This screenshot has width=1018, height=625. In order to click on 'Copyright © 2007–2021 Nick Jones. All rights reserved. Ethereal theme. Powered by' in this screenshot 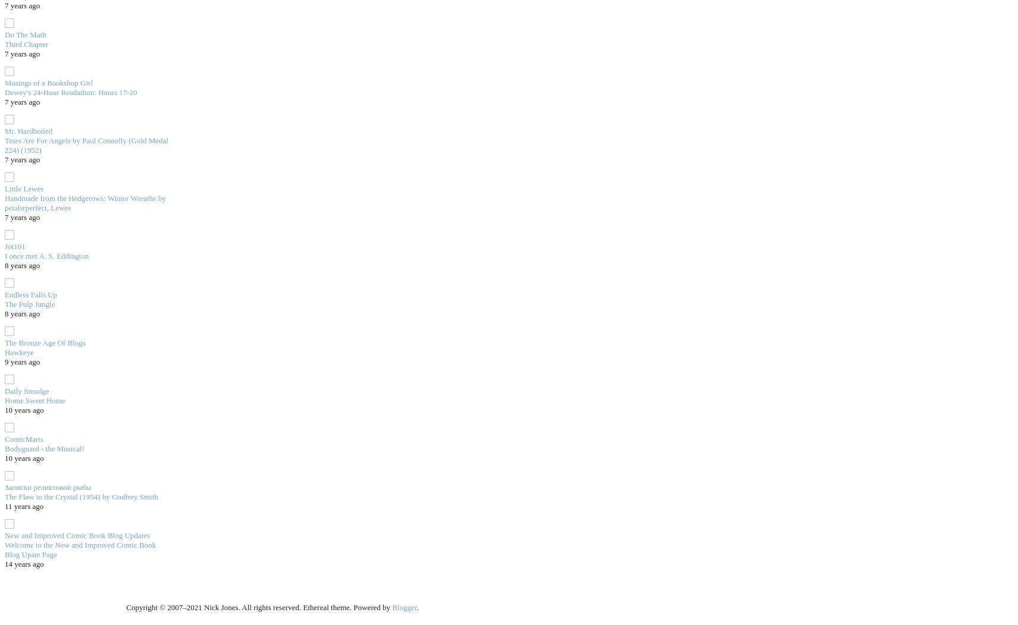, I will do `click(125, 607)`.